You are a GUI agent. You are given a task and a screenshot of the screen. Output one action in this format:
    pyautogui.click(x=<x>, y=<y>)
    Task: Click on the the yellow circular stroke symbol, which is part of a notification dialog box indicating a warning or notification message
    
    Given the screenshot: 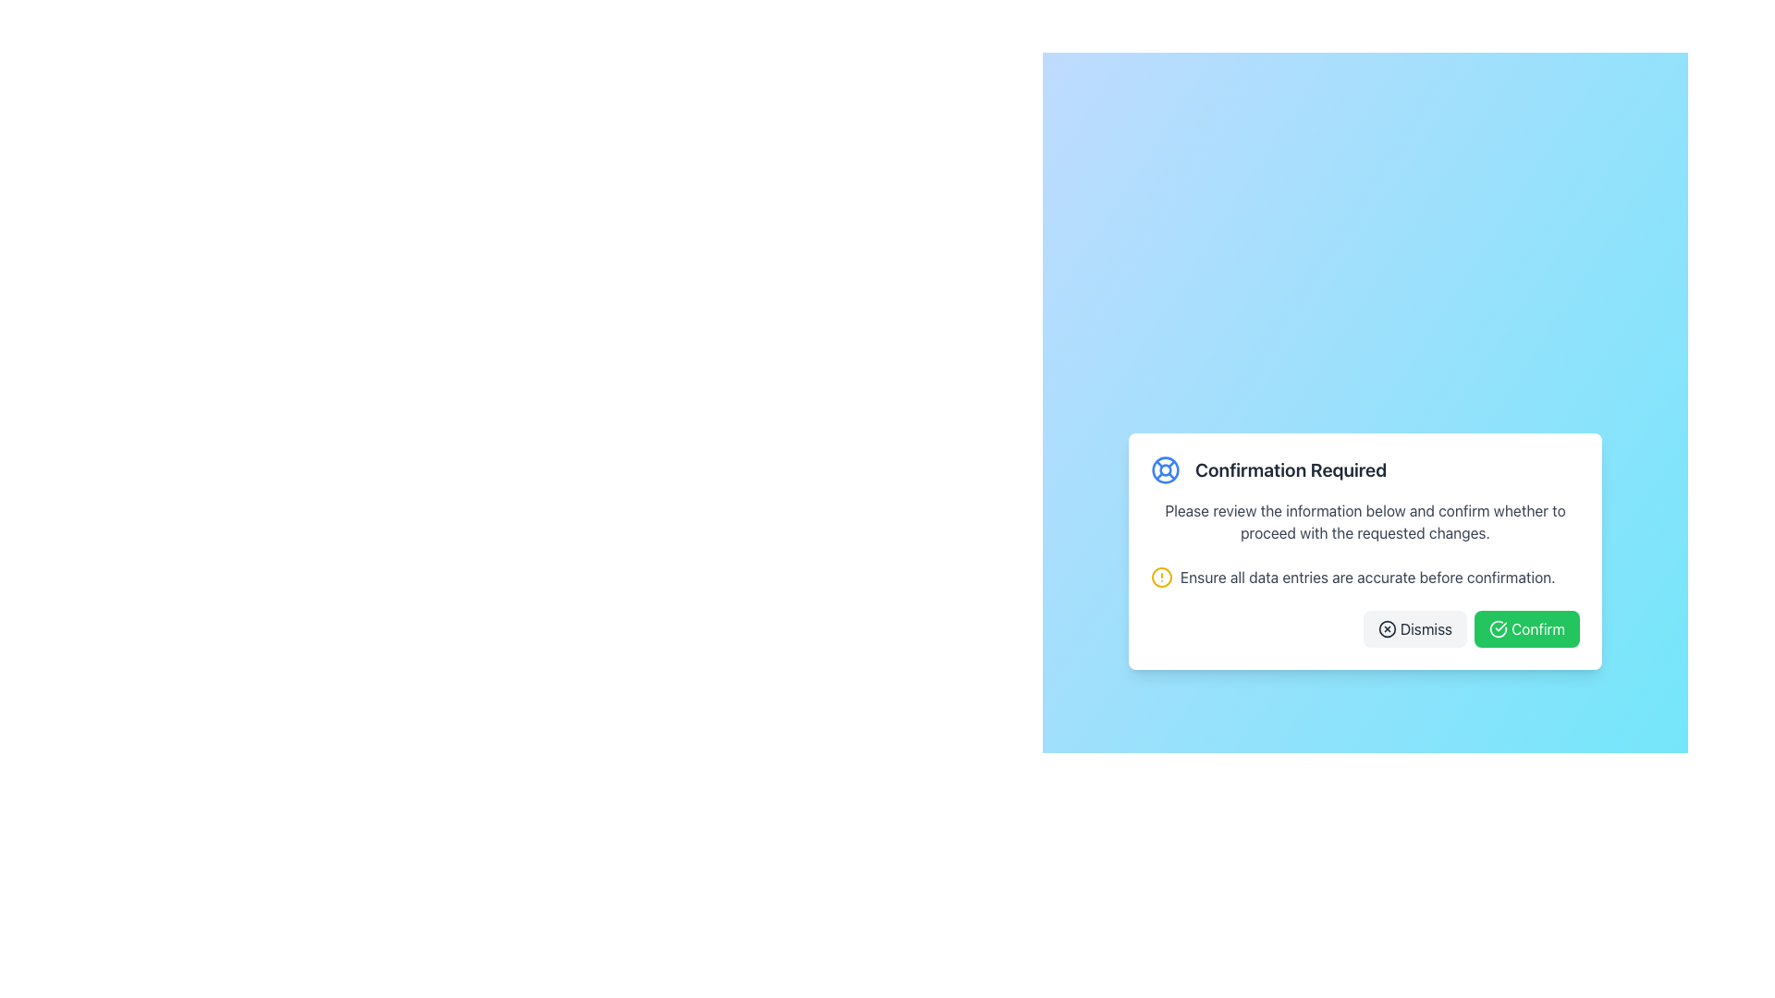 What is the action you would take?
    pyautogui.click(x=1161, y=576)
    